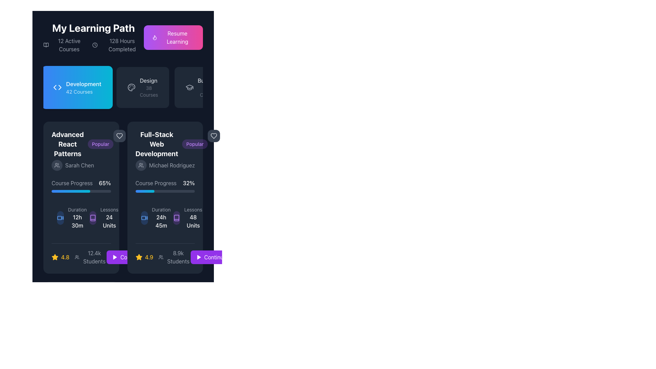 The image size is (656, 369). Describe the element at coordinates (81, 183) in the screenshot. I see `the Label displaying the progress of the course 'Advanced React Patterns', located above the progress bar and below the author's name` at that location.